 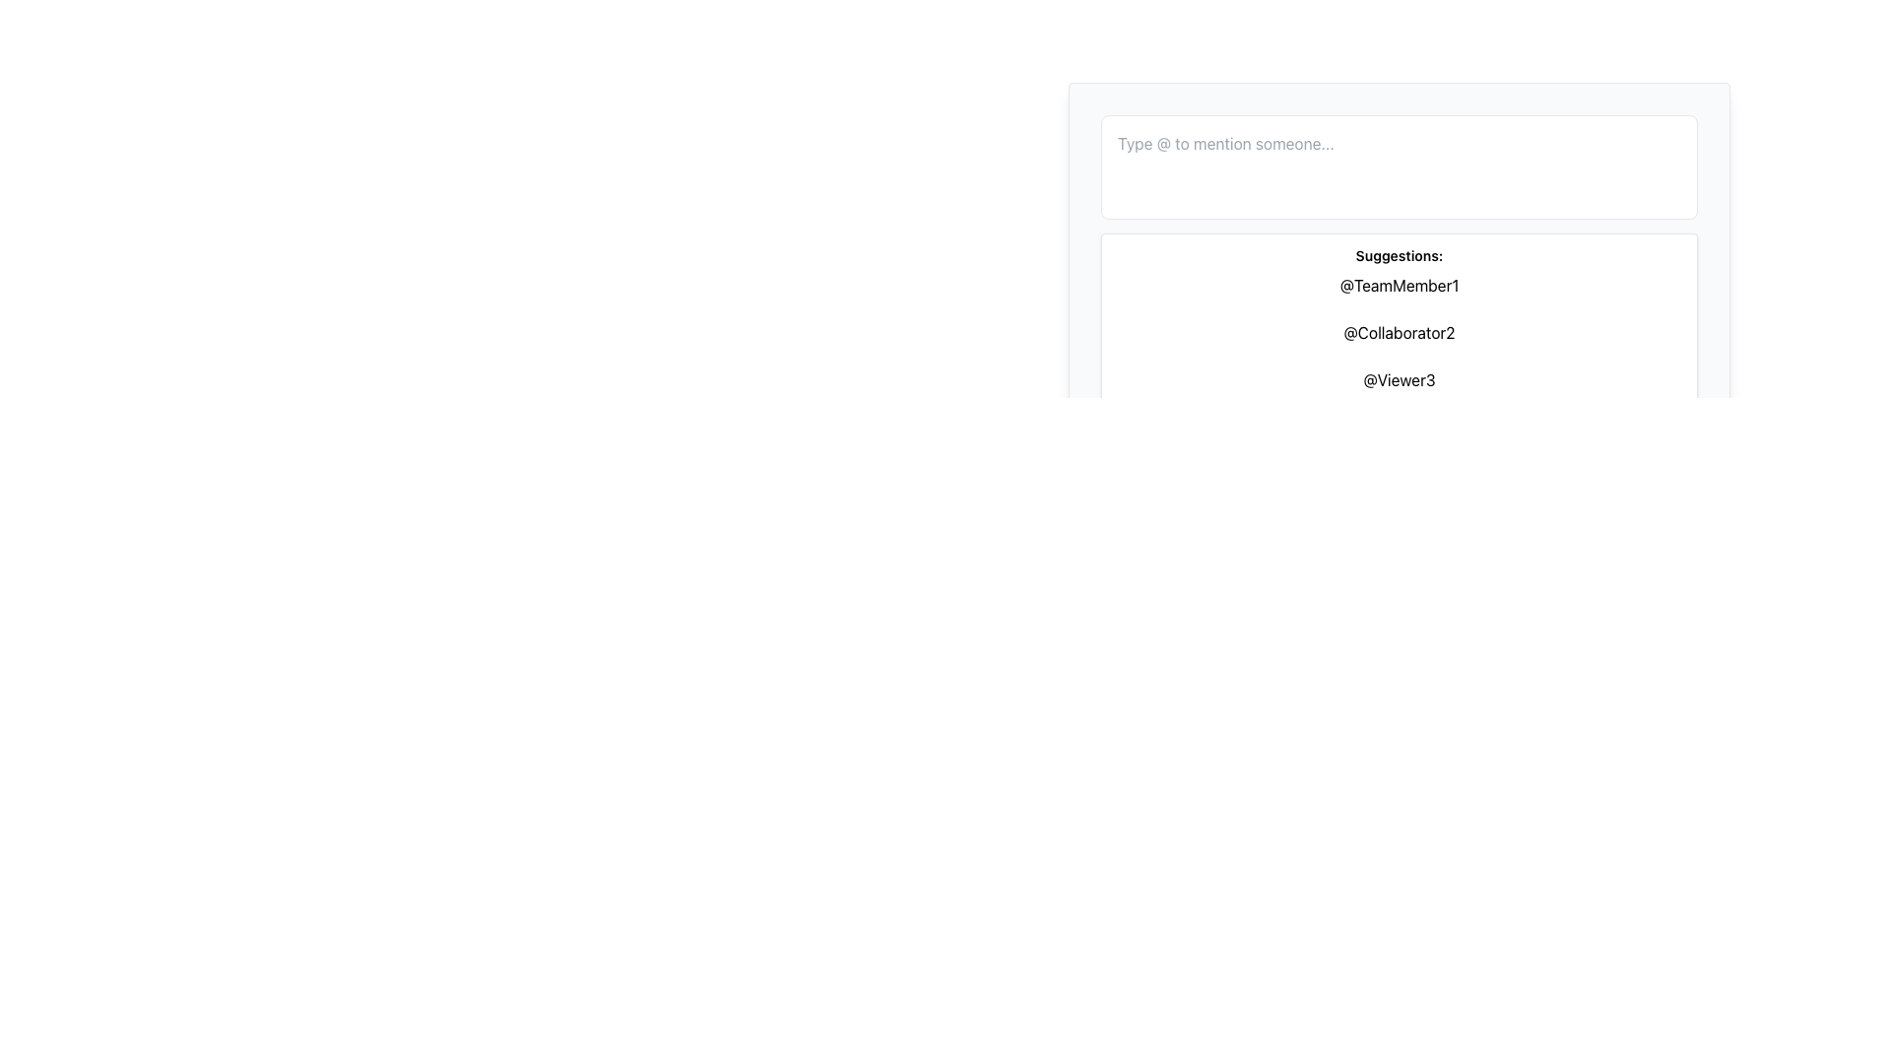 I want to click on the second suggestion in the list under the 'Suggestions:' section to observe the highlight effect, so click(x=1398, y=332).